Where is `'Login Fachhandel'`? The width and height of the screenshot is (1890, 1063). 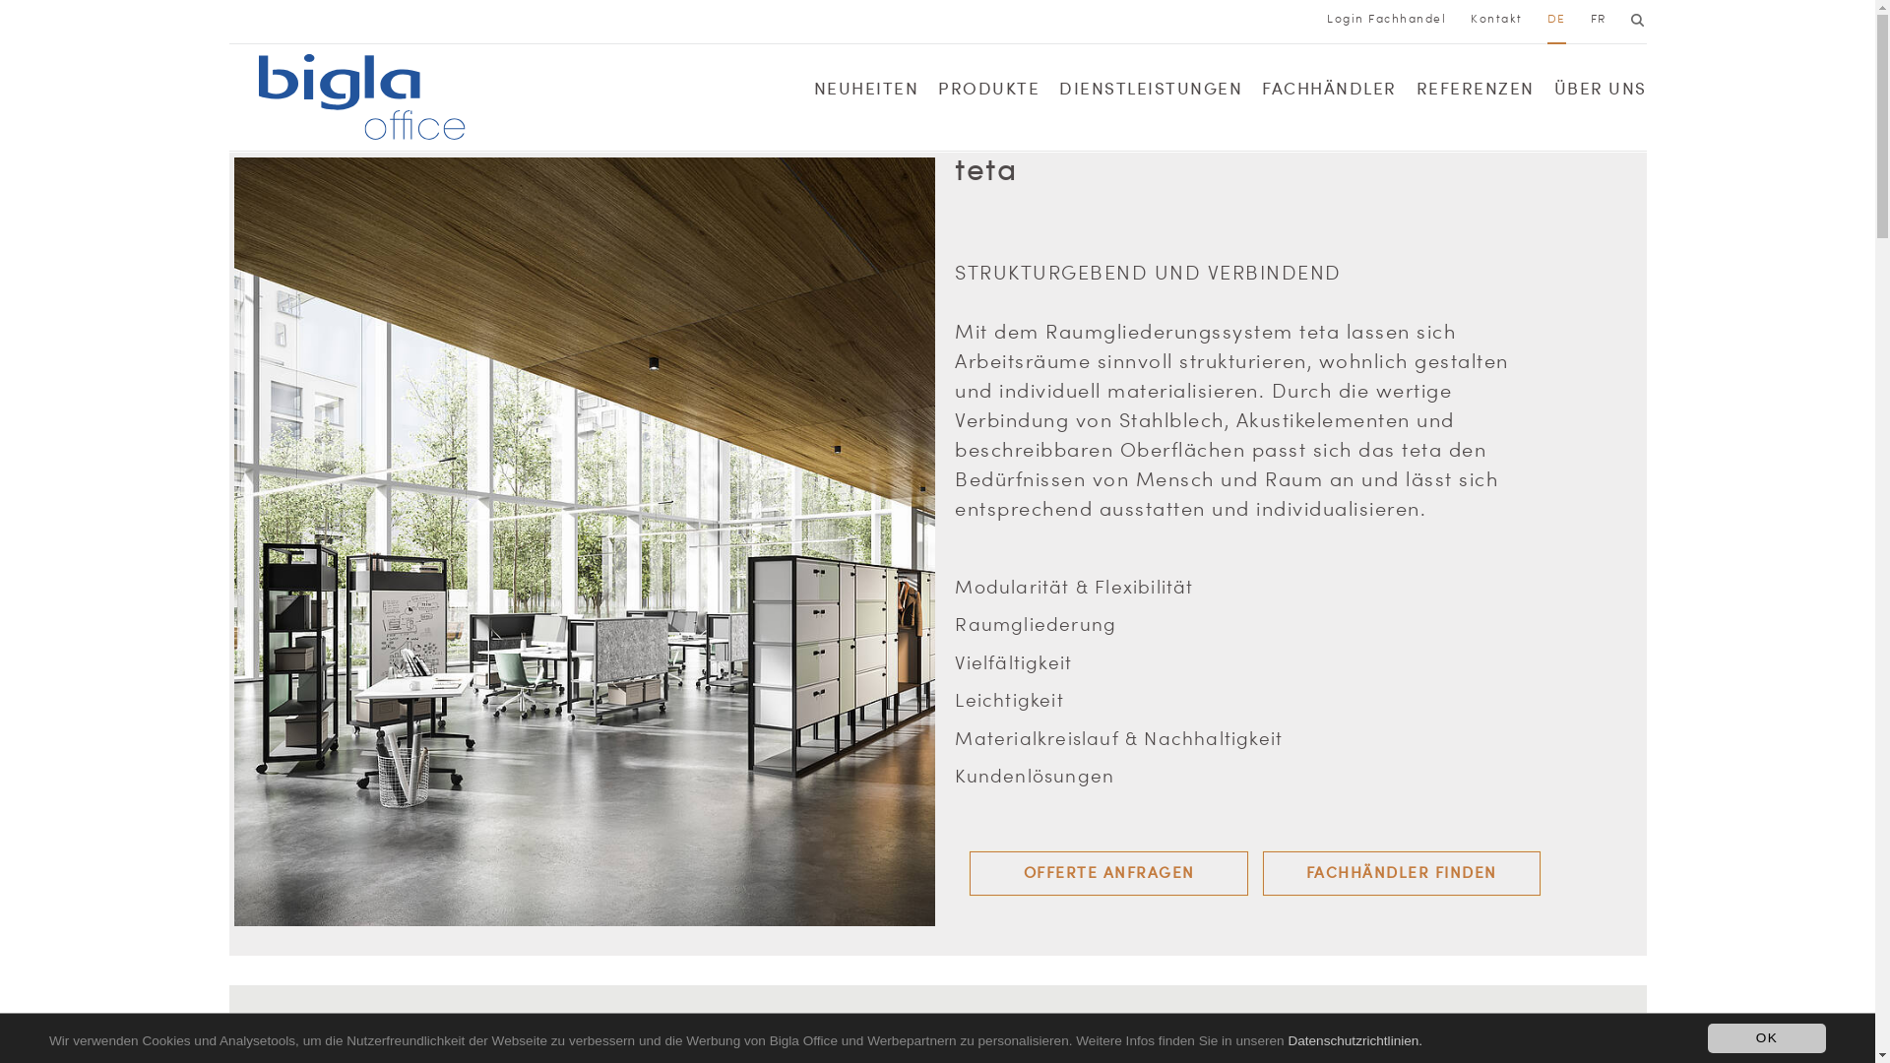 'Login Fachhandel' is located at coordinates (1385, 19).